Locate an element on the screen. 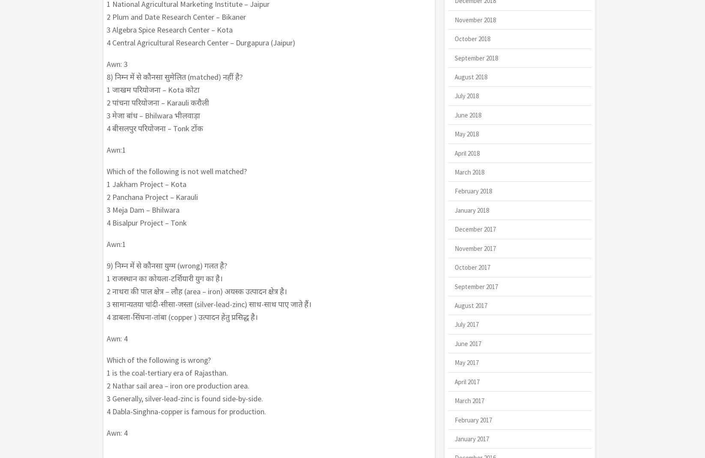 The height and width of the screenshot is (458, 705). '4 Bisalpur Project – Tonk' is located at coordinates (146, 223).